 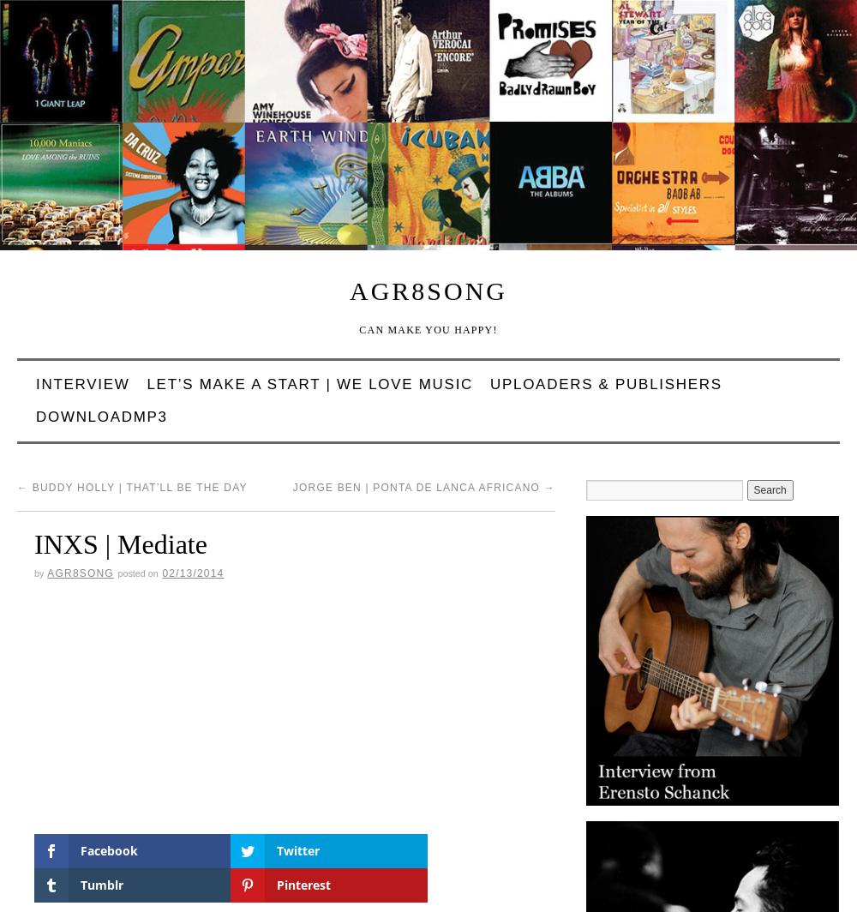 I want to click on 'Jorge Ben | Ponta De Lanca Africano', so click(x=417, y=488).